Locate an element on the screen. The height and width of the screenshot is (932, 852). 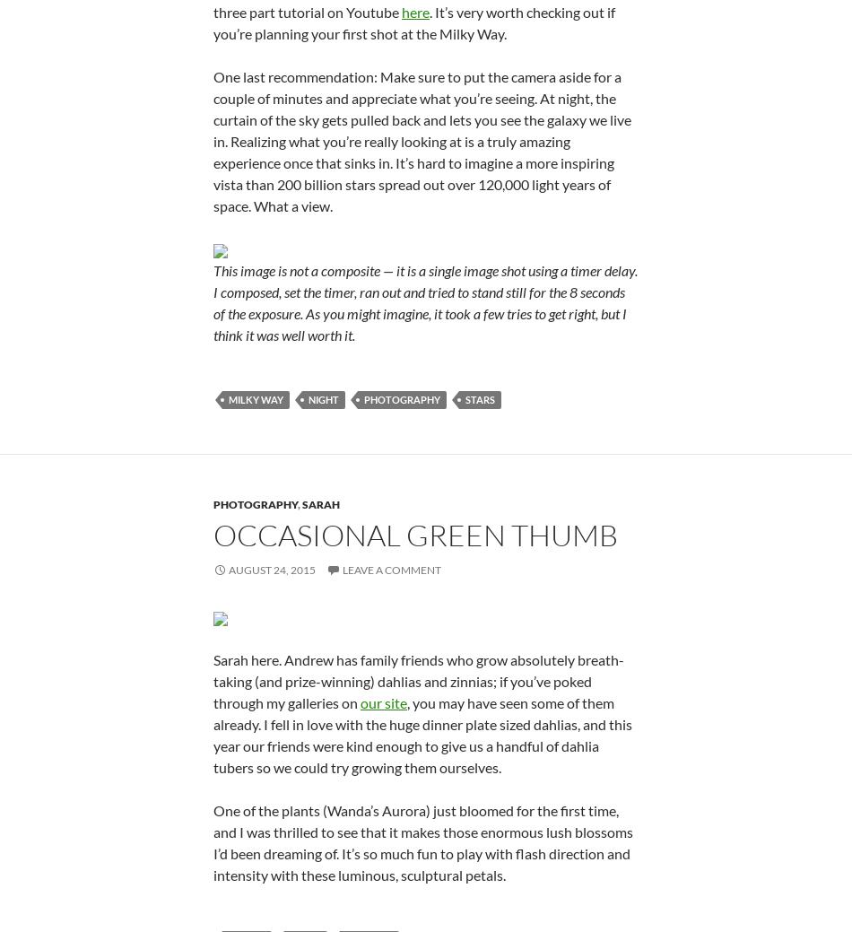
',' is located at coordinates (297, 503).